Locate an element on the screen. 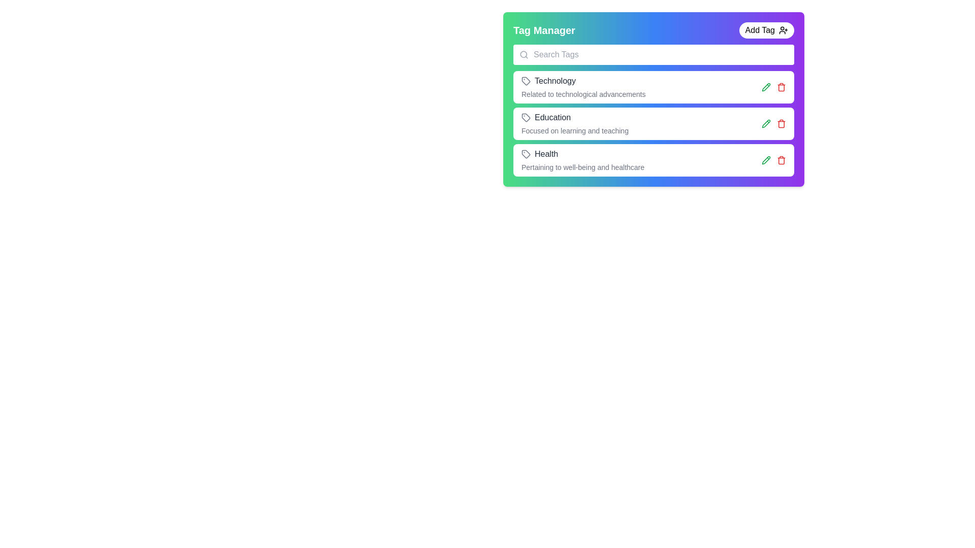 This screenshot has width=975, height=548. the 'Education' tag icon, which is visually marked as an indicator in the tag entry list, positioned to the left of the 'Education' text label is located at coordinates (526, 117).